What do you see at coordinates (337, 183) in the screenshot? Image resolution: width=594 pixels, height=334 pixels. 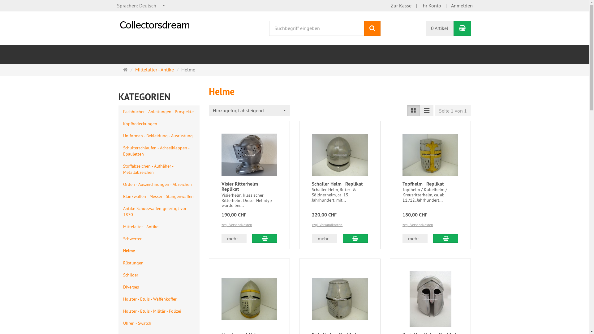 I see `'Schaller Helm - Replikat'` at bounding box center [337, 183].